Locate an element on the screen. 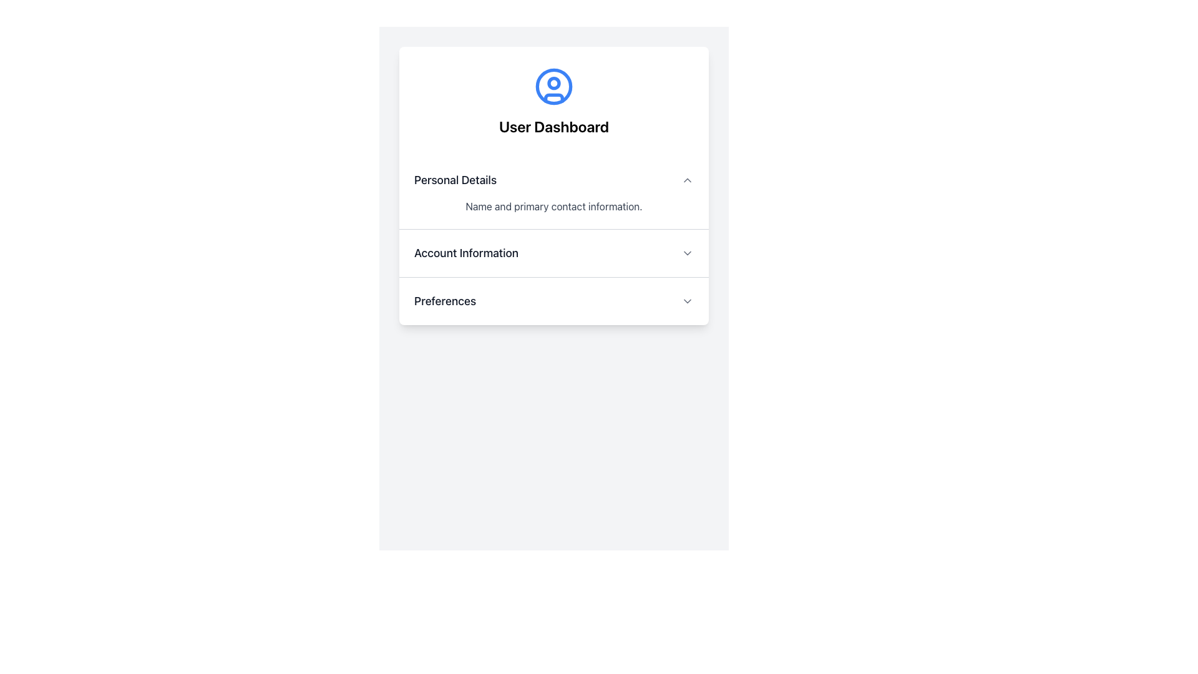  the decorative SVG Circle that enhances the user avatar, located at the top center of the application card is located at coordinates (553, 82).